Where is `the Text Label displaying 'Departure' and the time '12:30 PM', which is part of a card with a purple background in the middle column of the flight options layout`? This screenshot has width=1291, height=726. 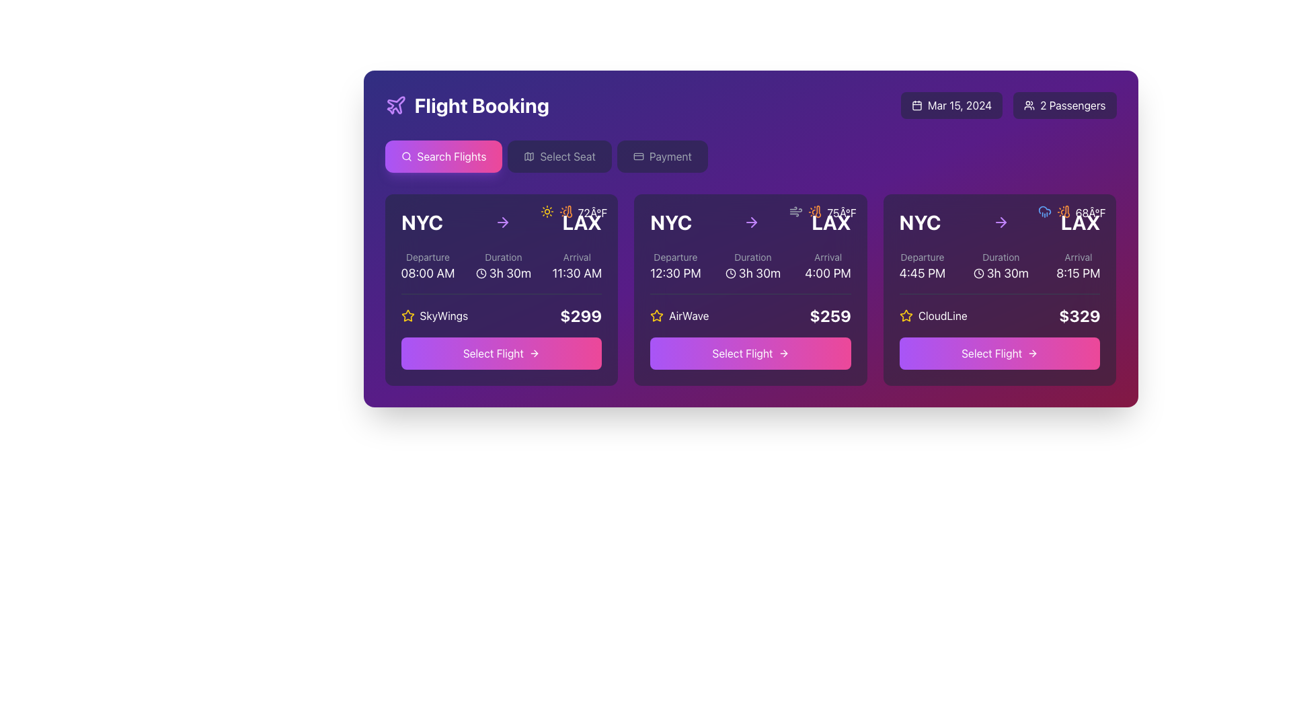
the Text Label displaying 'Departure' and the time '12:30 PM', which is part of a card with a purple background in the middle column of the flight options layout is located at coordinates (675, 267).